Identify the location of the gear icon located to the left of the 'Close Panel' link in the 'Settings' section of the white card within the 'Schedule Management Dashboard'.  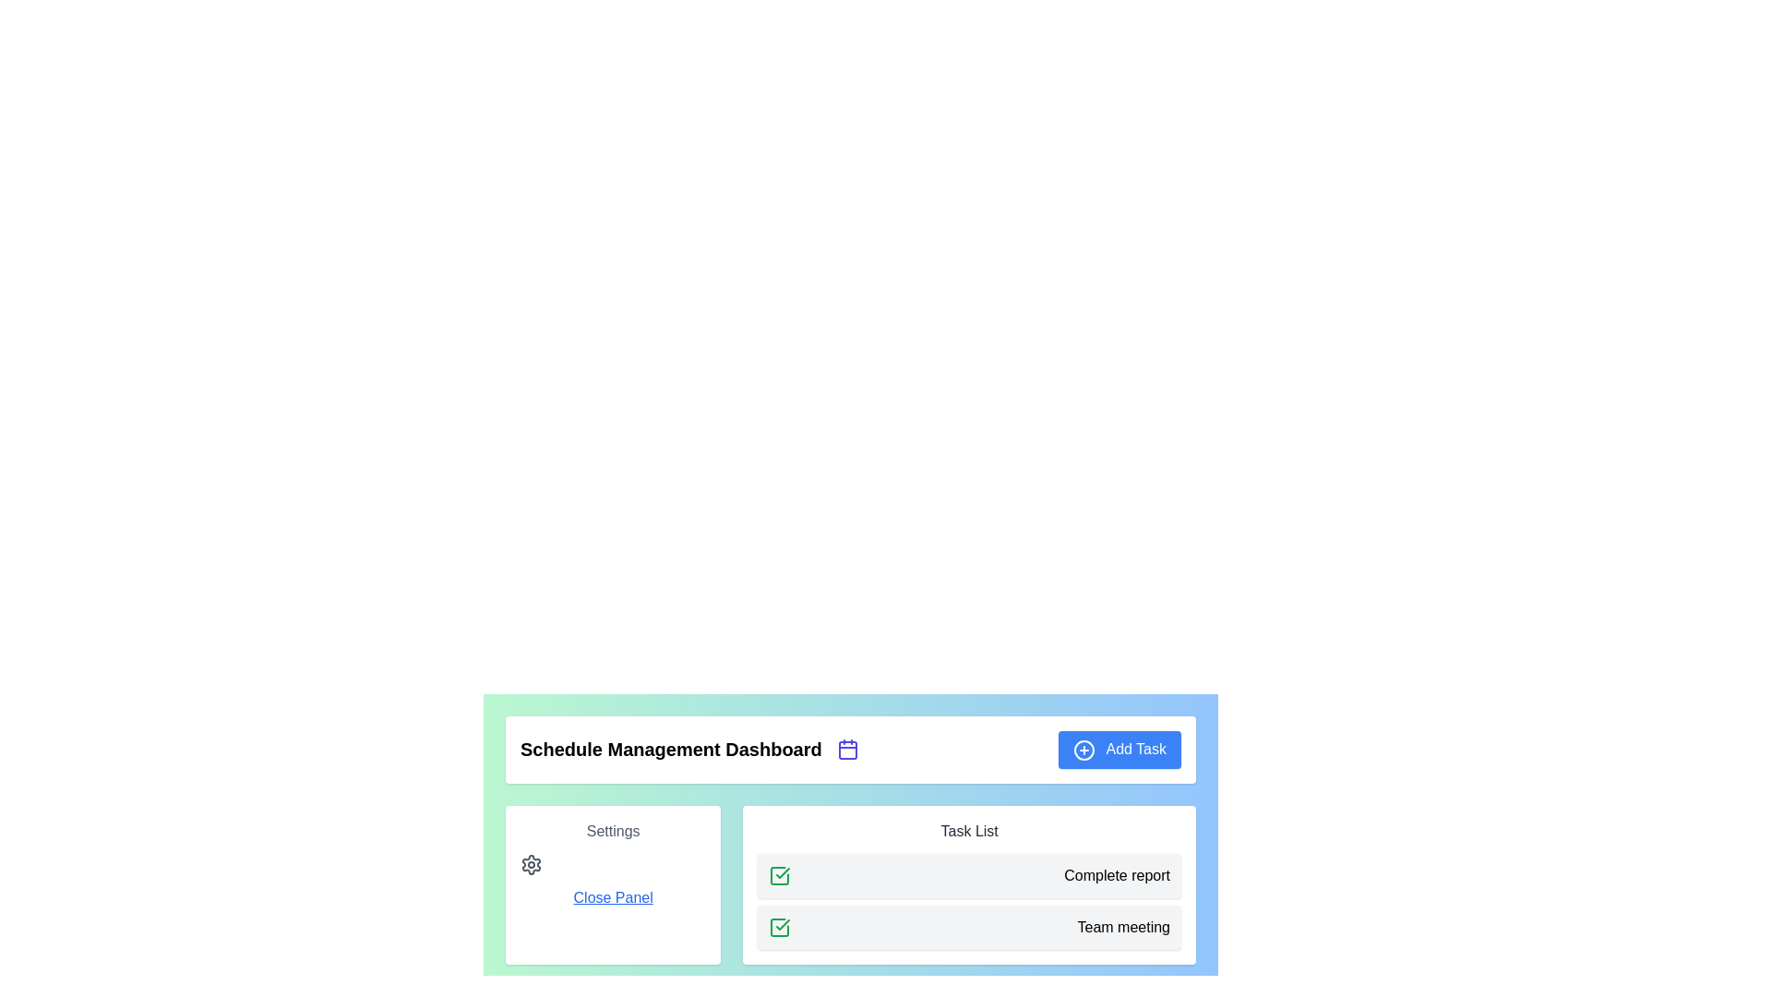
(531, 864).